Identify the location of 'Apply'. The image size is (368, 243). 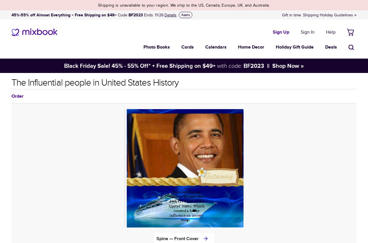
(185, 14).